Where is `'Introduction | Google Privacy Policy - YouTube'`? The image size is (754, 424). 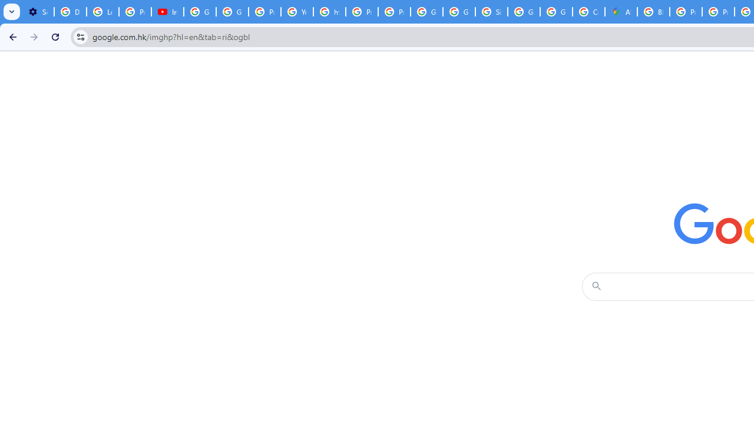
'Introduction | Google Privacy Policy - YouTube' is located at coordinates (167, 12).